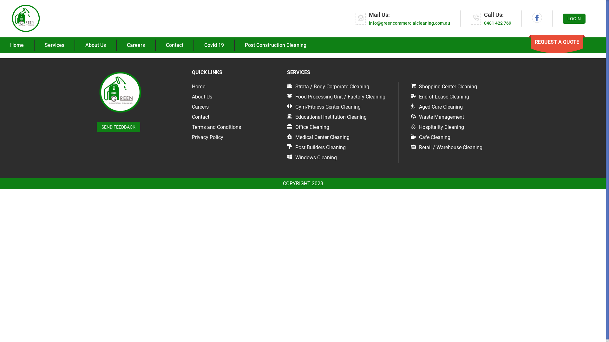 The width and height of the screenshot is (609, 342). What do you see at coordinates (275, 45) in the screenshot?
I see `'Post Construction Cleaning'` at bounding box center [275, 45].